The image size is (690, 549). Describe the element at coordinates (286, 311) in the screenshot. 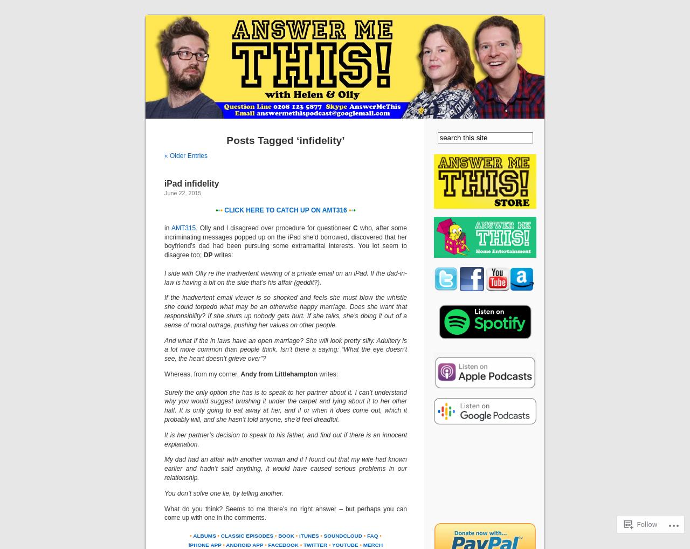

I see `'If the inadvertent email viewer is so shocked and feels she must blow the whistle she could torpedo what may be an otherwise happy marriage. Does she want that responsibility? If she shuts up nobody gets hurt. If she talks, she’s doing it out of a sense of moral outrage, pushing her values on other people.'` at that location.